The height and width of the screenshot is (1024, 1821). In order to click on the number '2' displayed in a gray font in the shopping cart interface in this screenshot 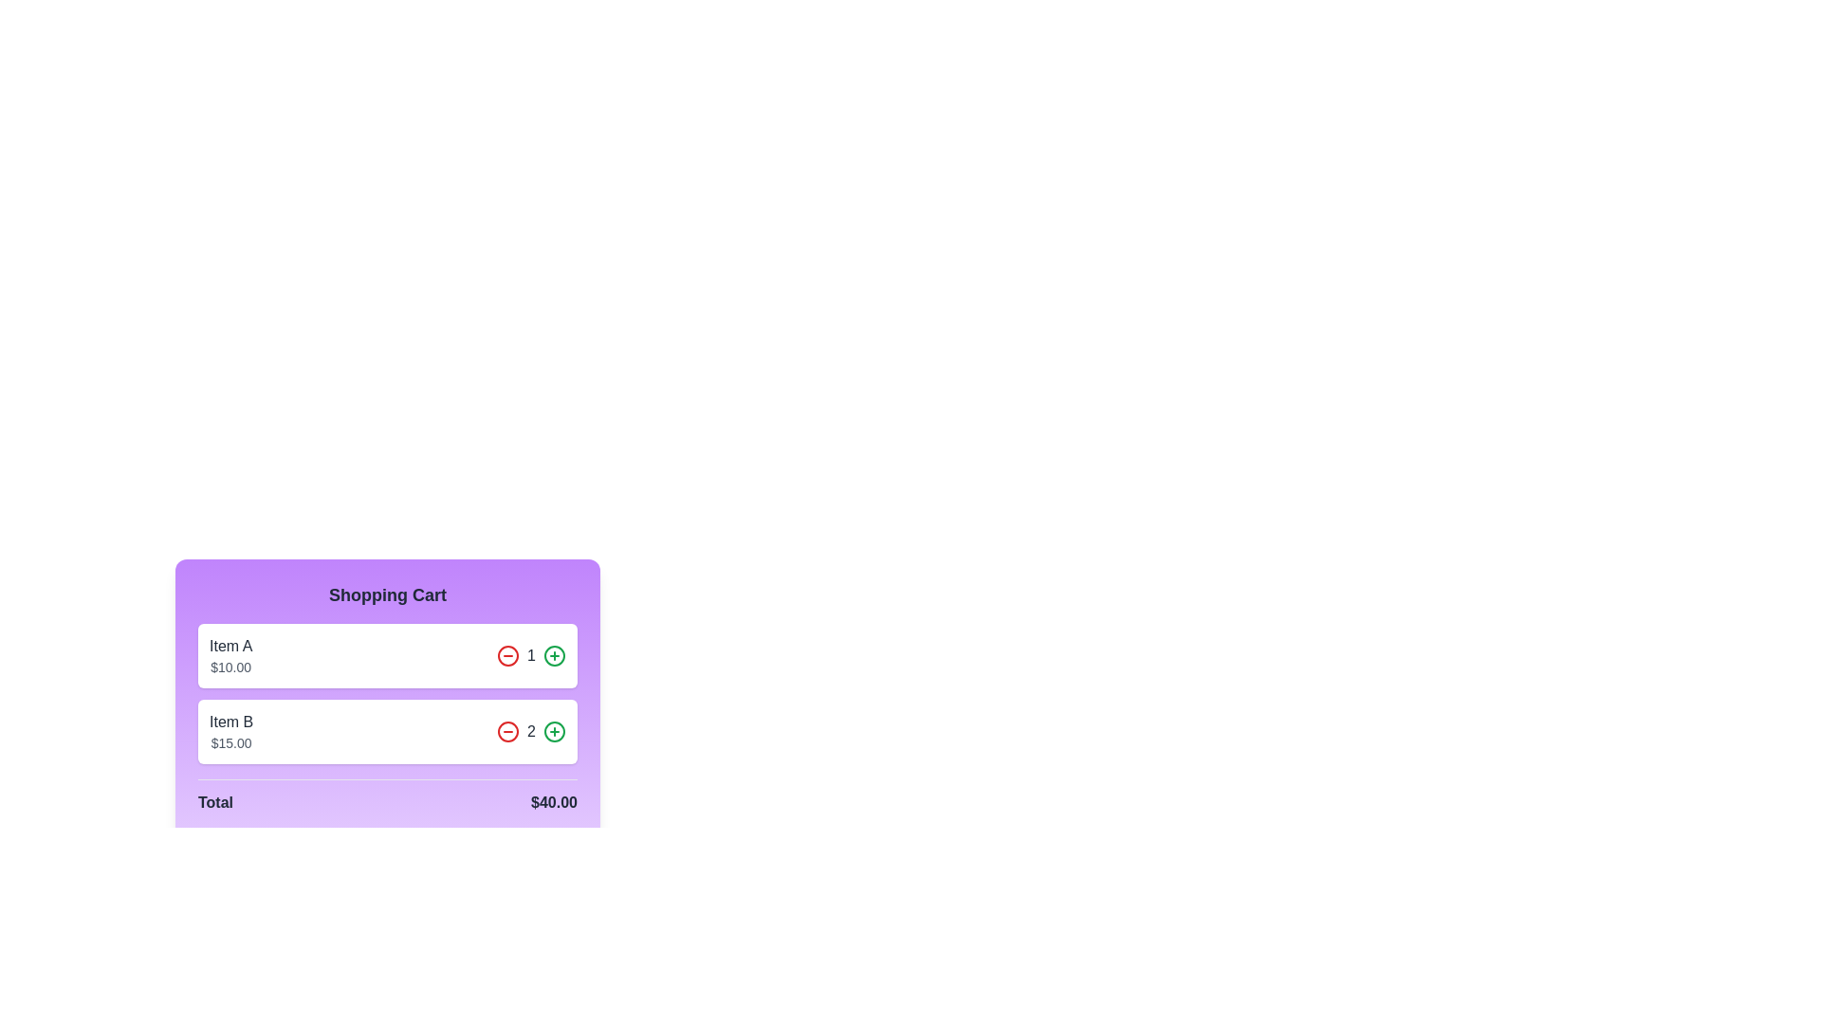, I will do `click(531, 730)`.